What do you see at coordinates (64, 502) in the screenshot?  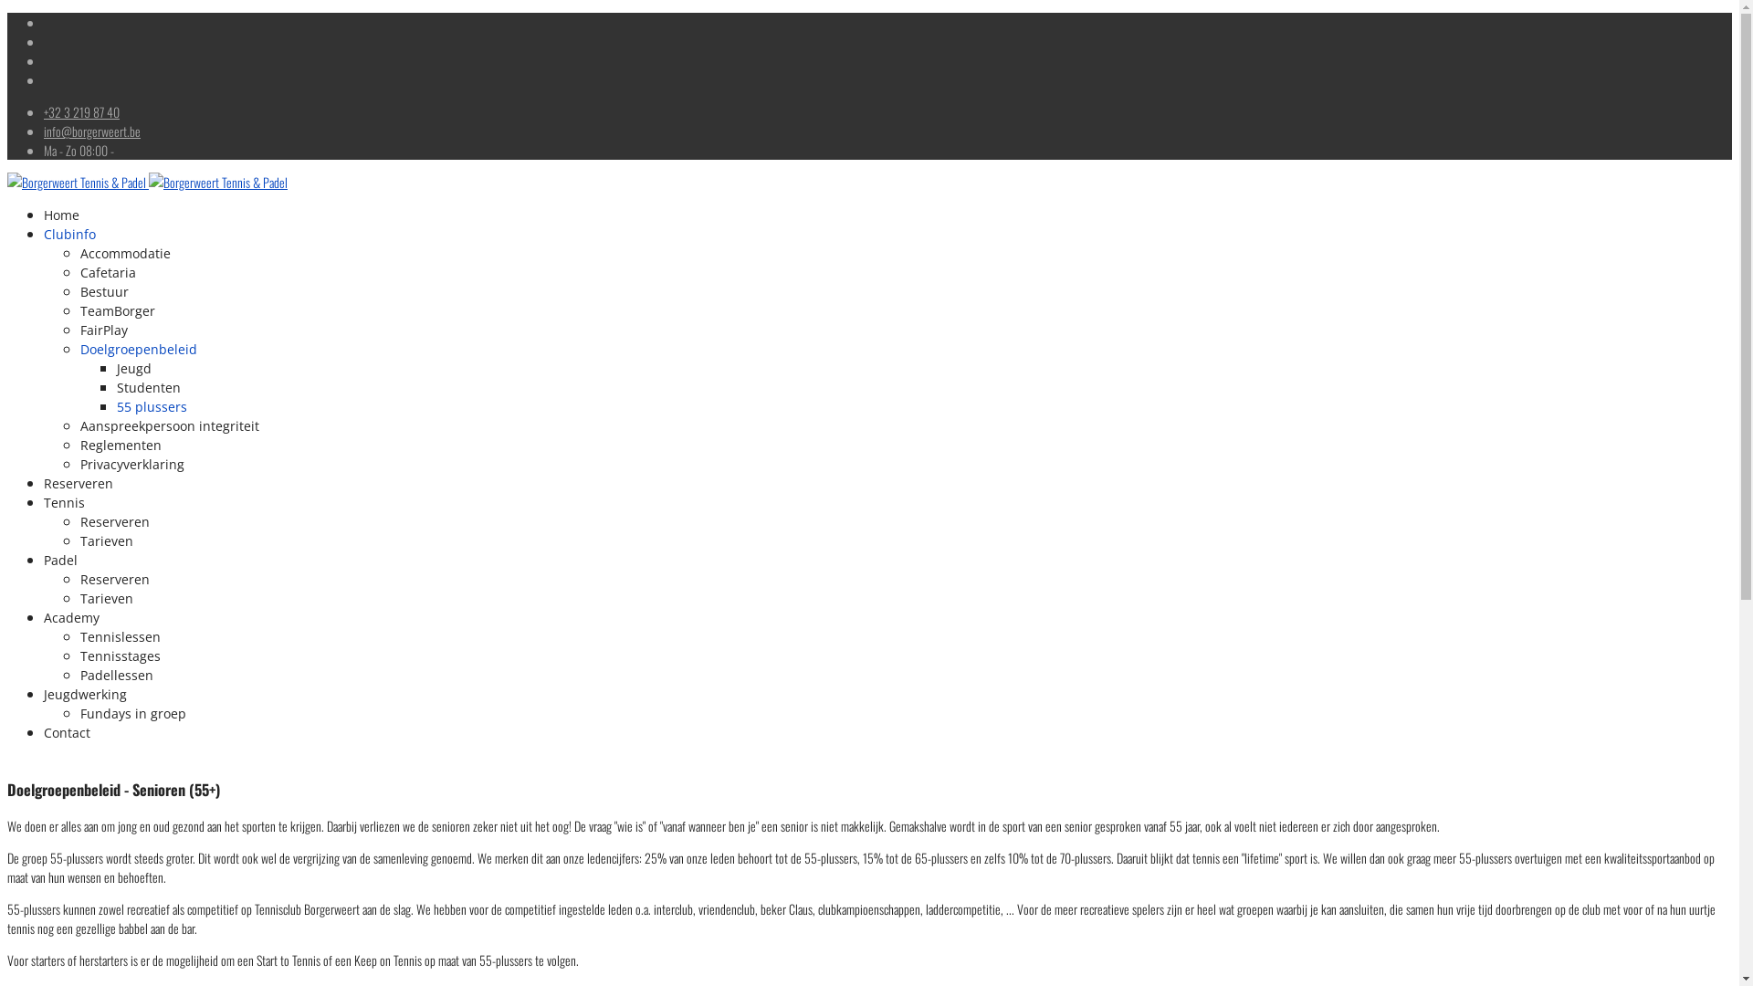 I see `'Tennis'` at bounding box center [64, 502].